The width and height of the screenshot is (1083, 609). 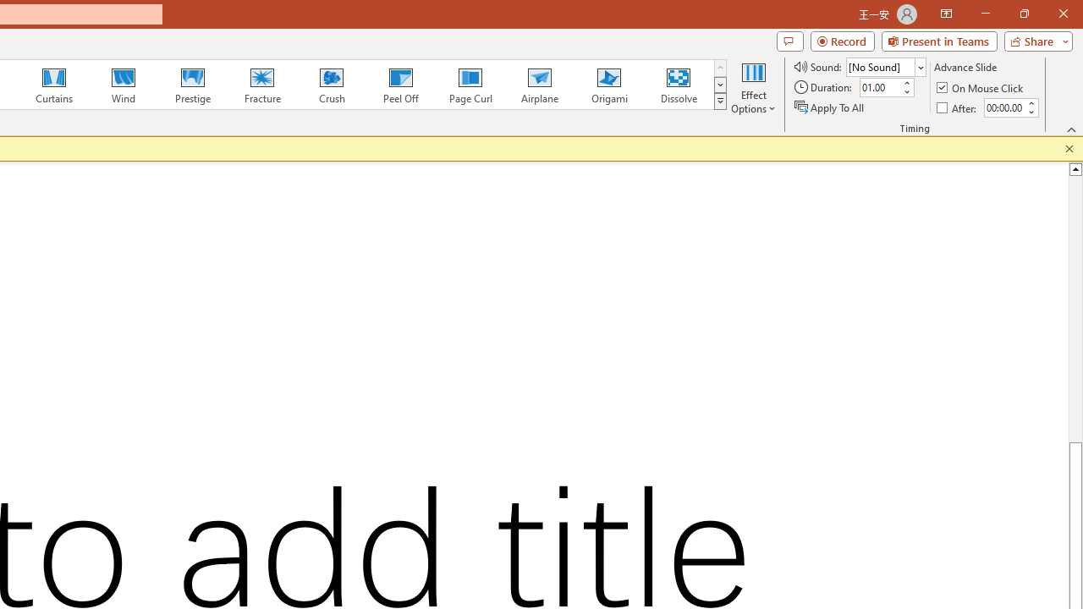 What do you see at coordinates (192, 85) in the screenshot?
I see `'Prestige'` at bounding box center [192, 85].